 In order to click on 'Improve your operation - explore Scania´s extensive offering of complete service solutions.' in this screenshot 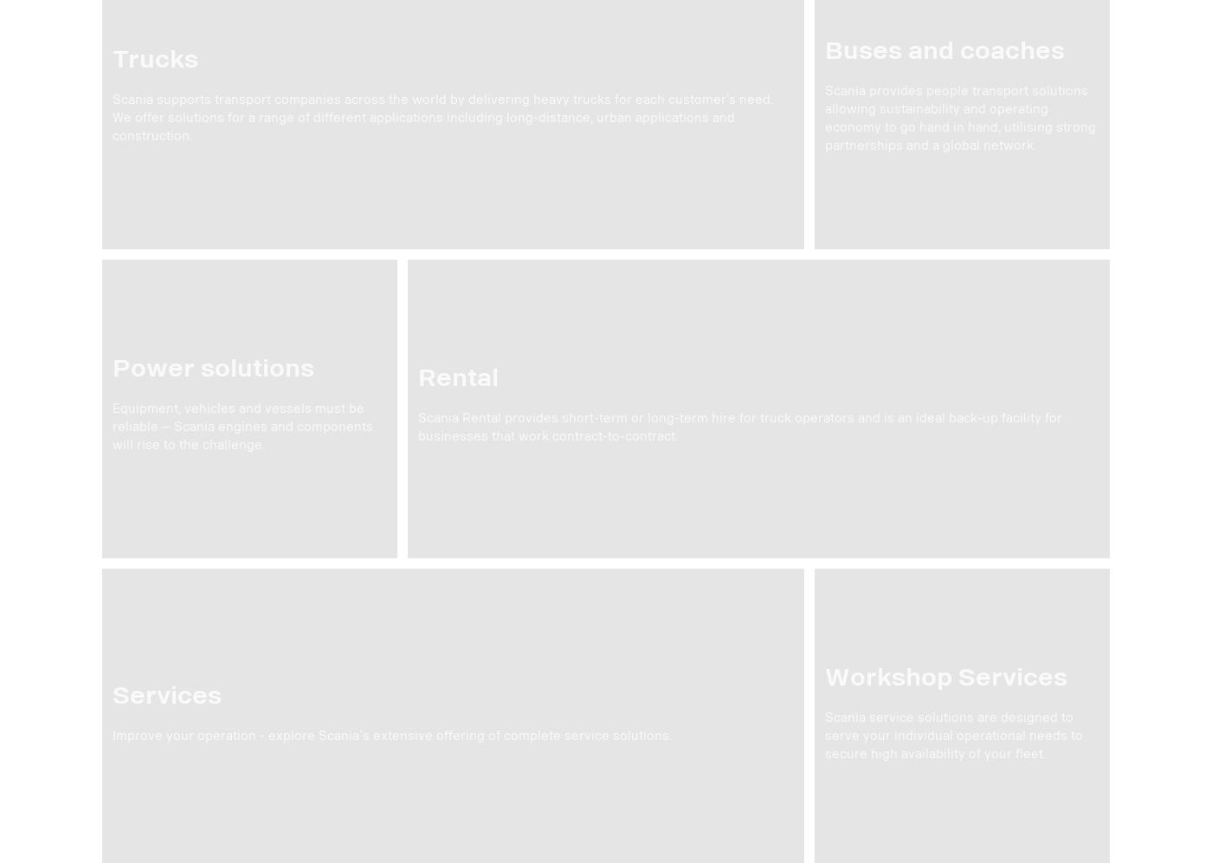, I will do `click(392, 736)`.